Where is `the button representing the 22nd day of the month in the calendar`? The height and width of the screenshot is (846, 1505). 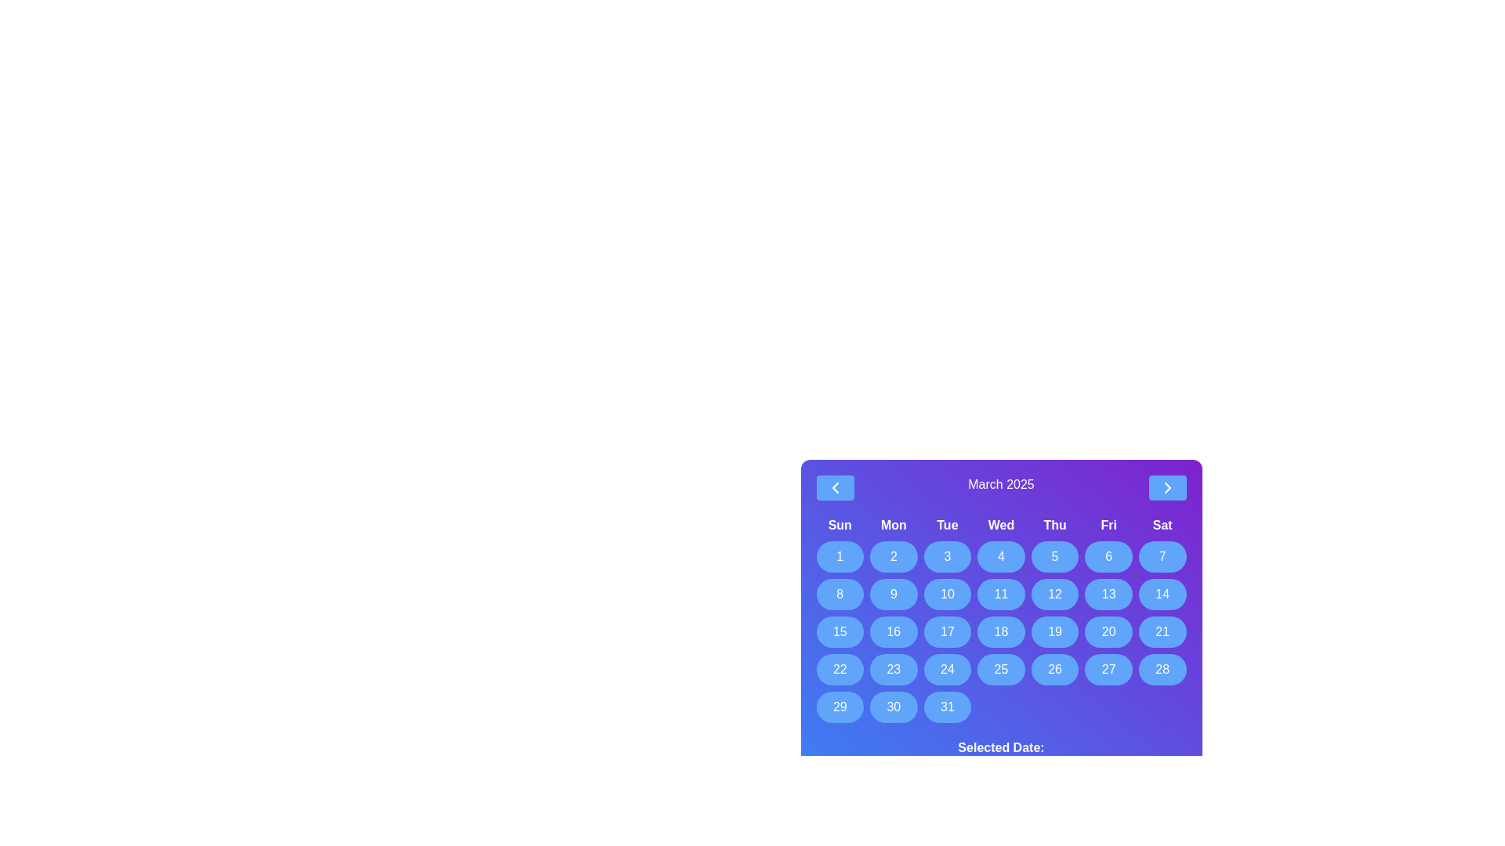 the button representing the 22nd day of the month in the calendar is located at coordinates (839, 670).